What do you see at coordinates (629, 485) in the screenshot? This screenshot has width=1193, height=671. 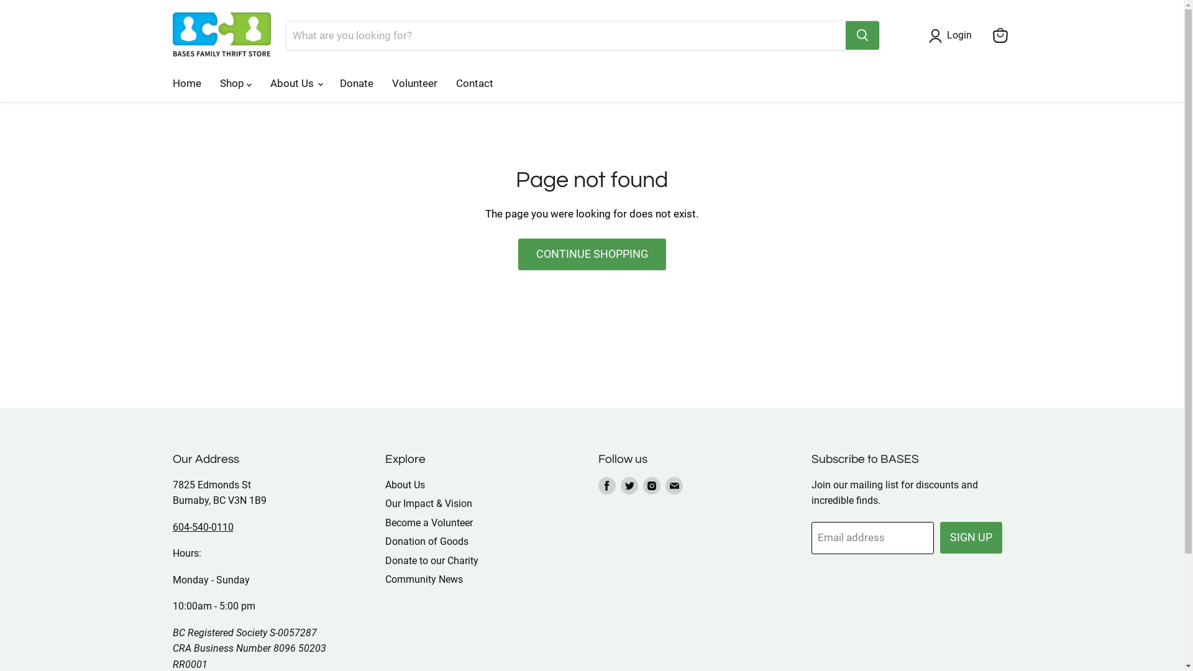 I see `'Find us on Twitter'` at bounding box center [629, 485].